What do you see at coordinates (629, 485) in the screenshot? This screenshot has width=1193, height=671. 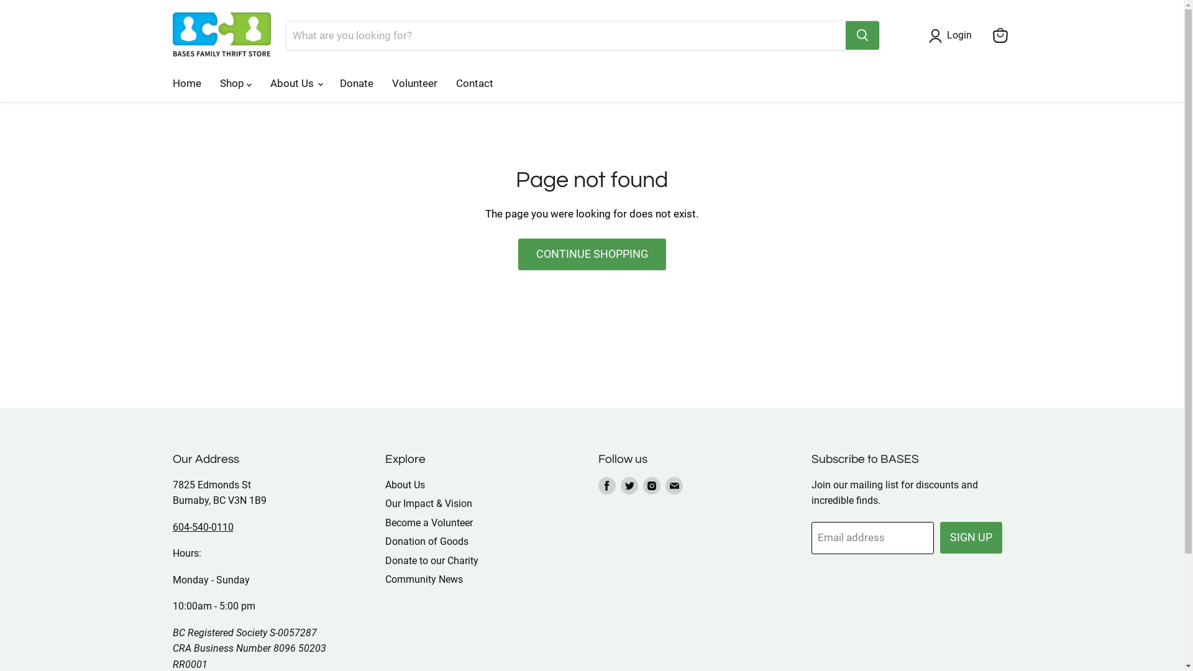 I see `'Find us on Twitter'` at bounding box center [629, 485].